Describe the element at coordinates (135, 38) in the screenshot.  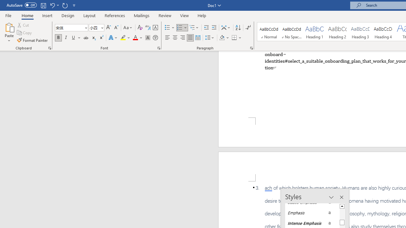
I see `'Font Color Automatic'` at that location.